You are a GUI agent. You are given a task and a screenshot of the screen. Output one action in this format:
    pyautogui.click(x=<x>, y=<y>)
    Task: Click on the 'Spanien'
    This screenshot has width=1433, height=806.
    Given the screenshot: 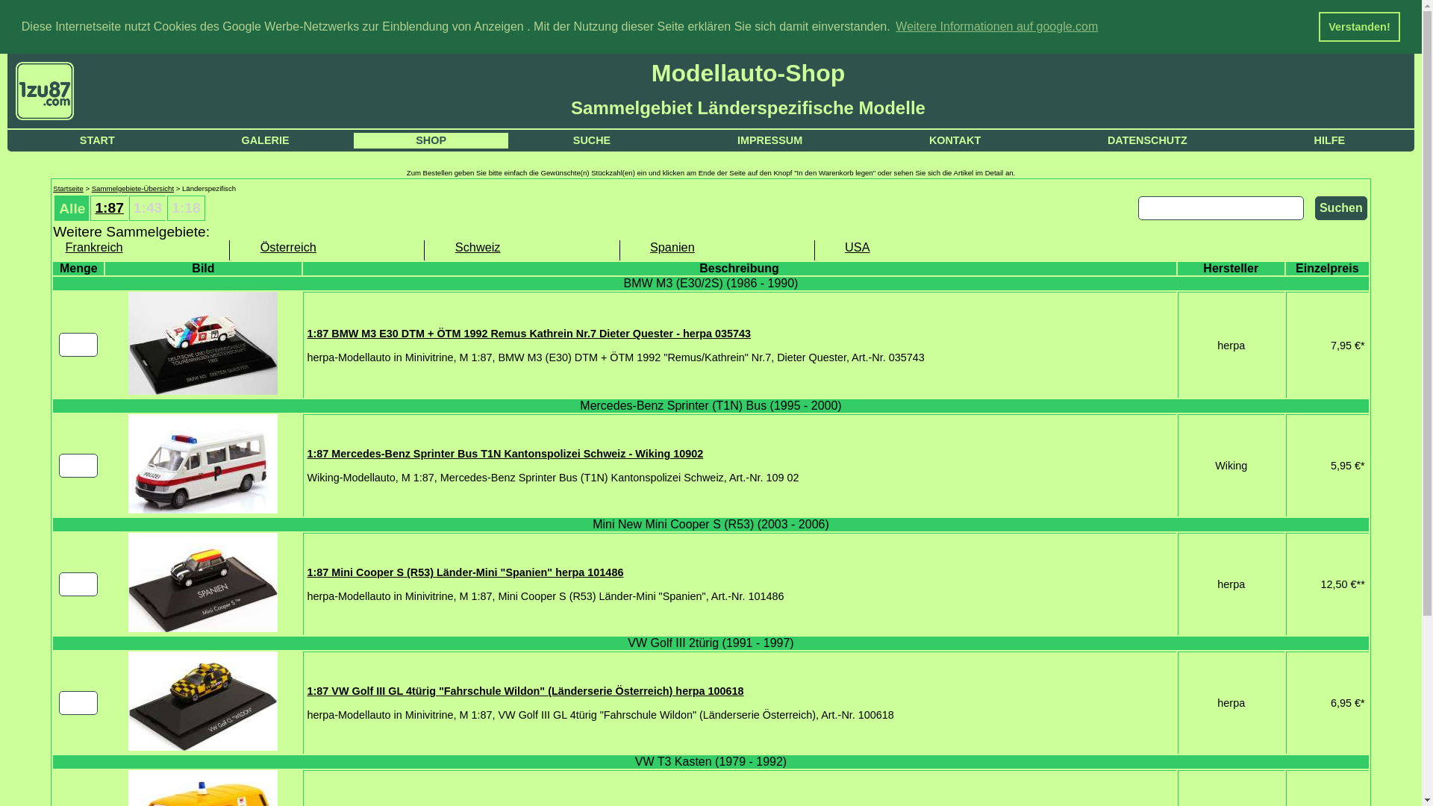 What is the action you would take?
    pyautogui.click(x=716, y=246)
    